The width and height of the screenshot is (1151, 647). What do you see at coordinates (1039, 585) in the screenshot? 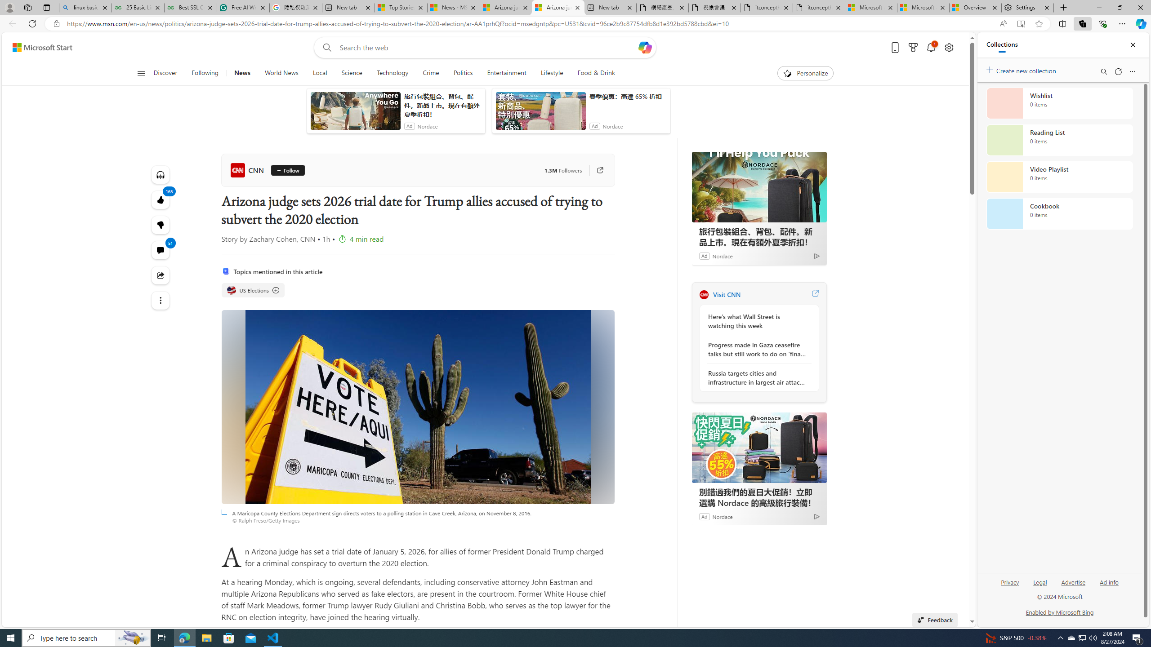
I see `'Legal'` at bounding box center [1039, 585].